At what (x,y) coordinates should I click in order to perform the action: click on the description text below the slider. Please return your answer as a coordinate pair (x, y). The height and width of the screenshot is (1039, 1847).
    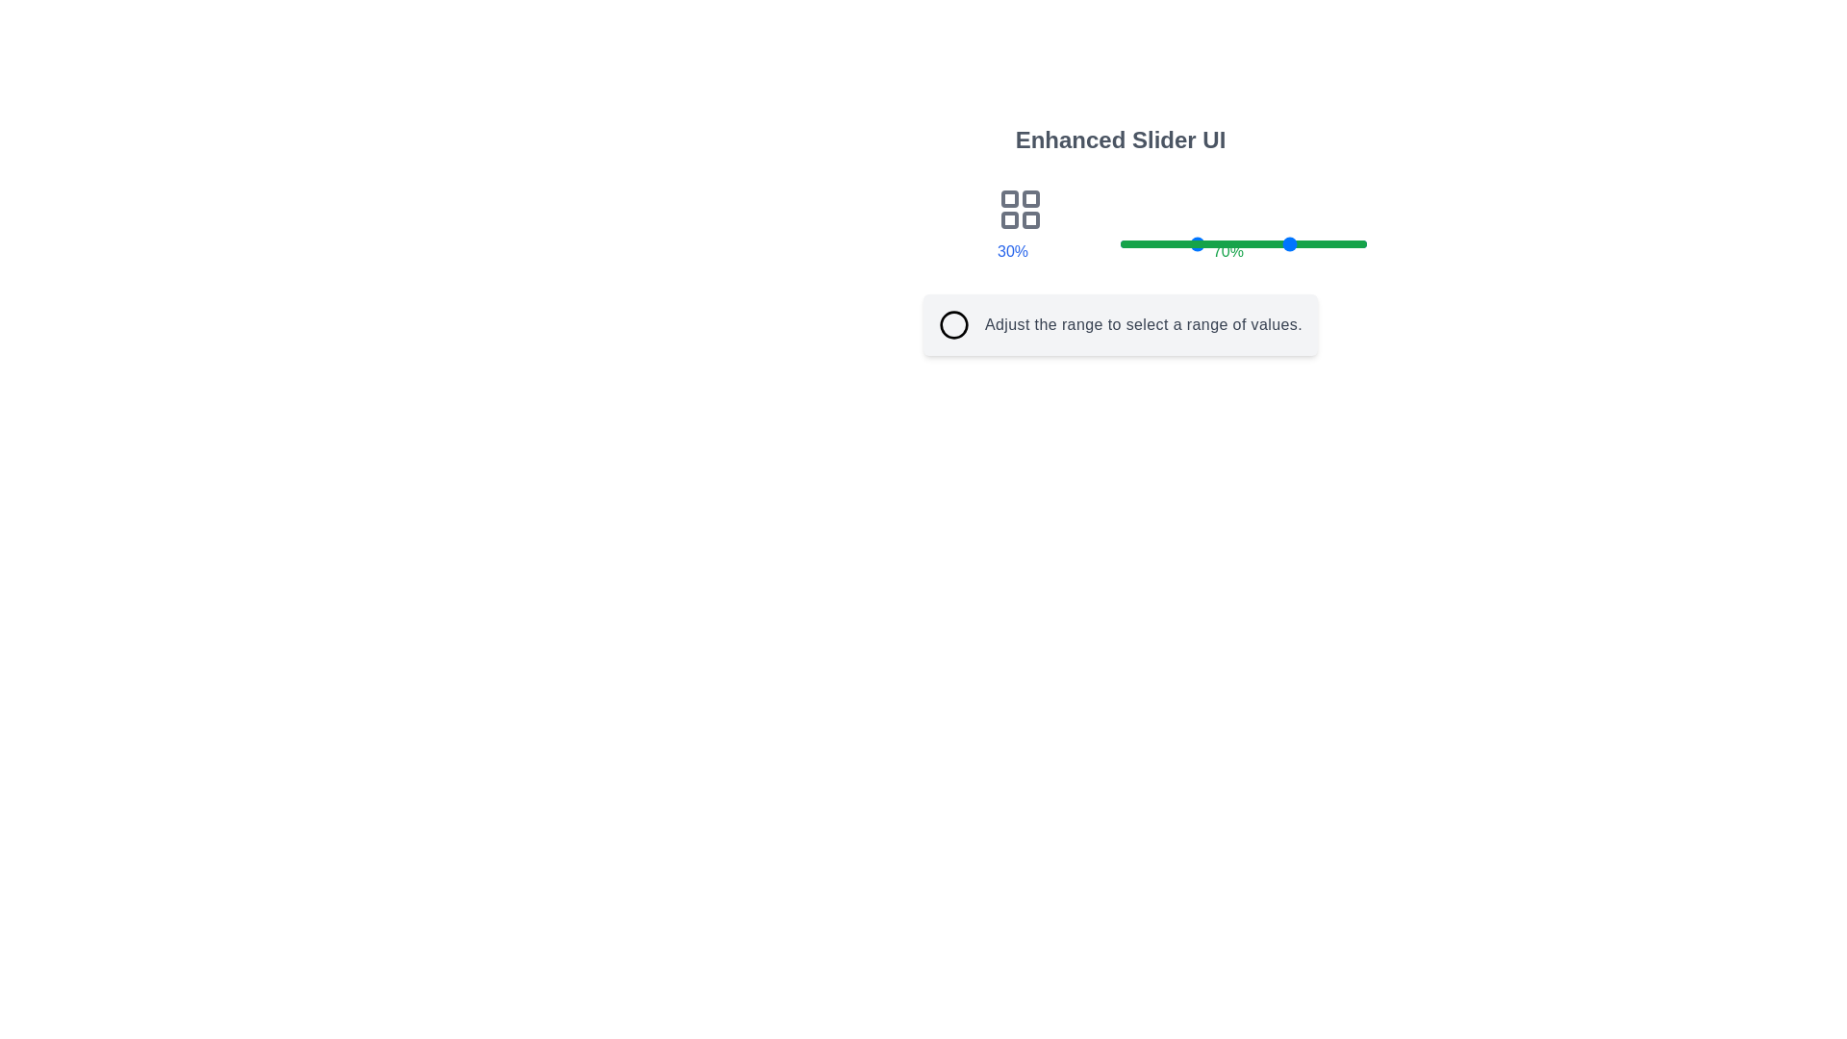
    Looking at the image, I should click on (1144, 324).